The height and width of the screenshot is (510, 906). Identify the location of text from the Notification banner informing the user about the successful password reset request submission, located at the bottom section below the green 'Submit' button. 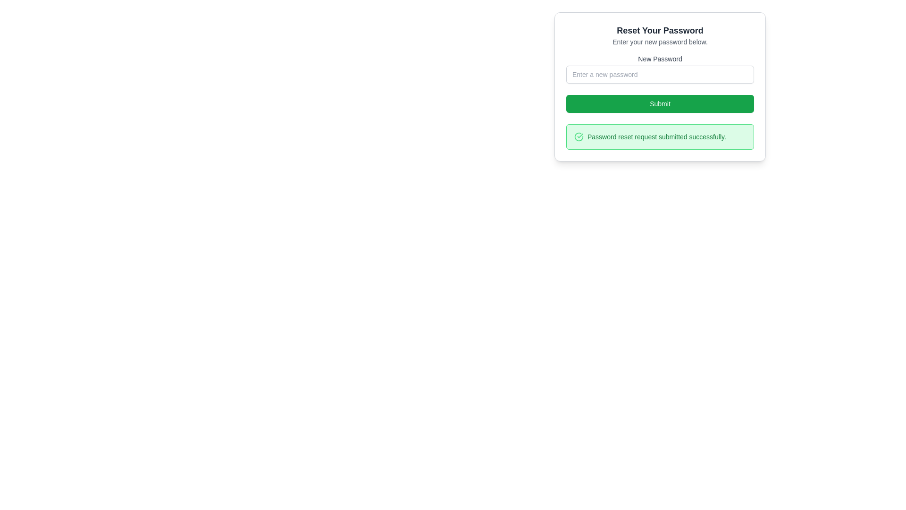
(659, 136).